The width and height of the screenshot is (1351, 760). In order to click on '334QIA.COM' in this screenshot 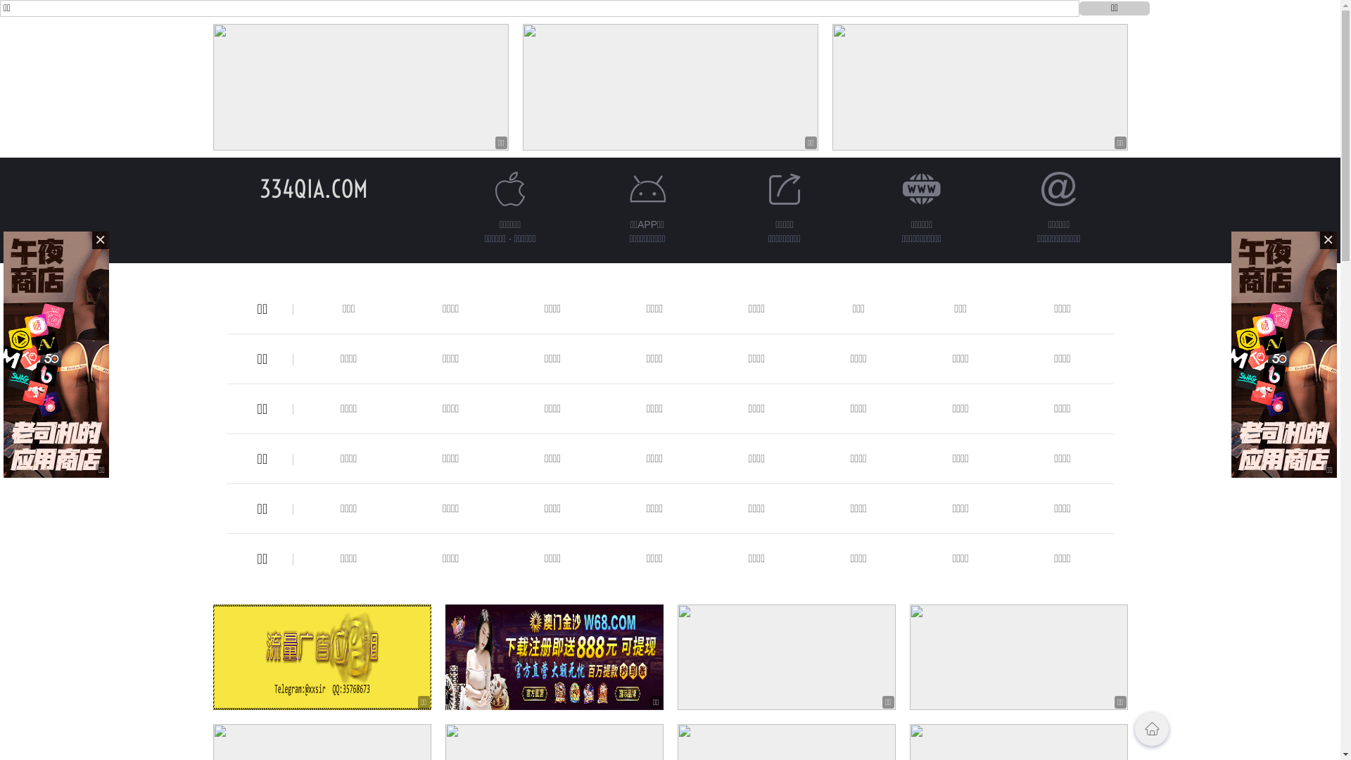, I will do `click(312, 188)`.